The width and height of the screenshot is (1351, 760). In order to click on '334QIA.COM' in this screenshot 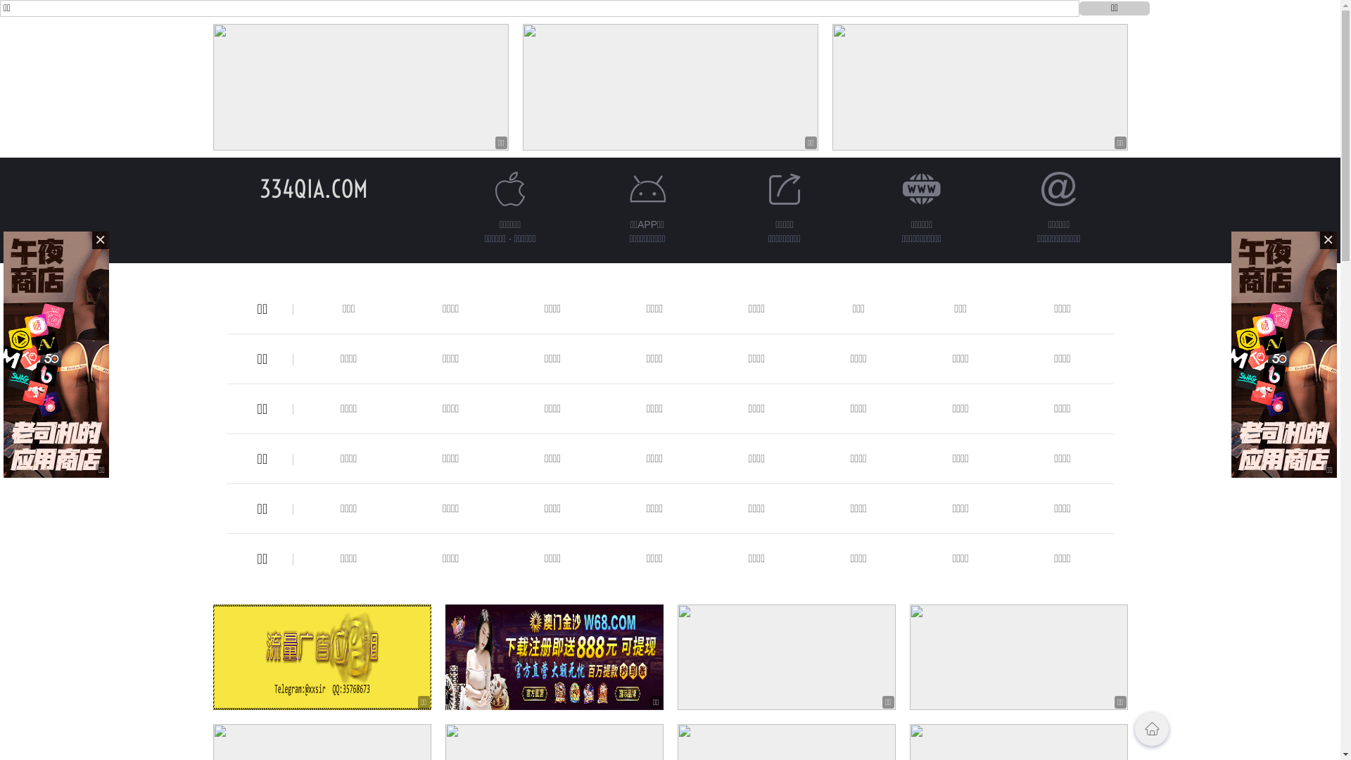, I will do `click(312, 188)`.